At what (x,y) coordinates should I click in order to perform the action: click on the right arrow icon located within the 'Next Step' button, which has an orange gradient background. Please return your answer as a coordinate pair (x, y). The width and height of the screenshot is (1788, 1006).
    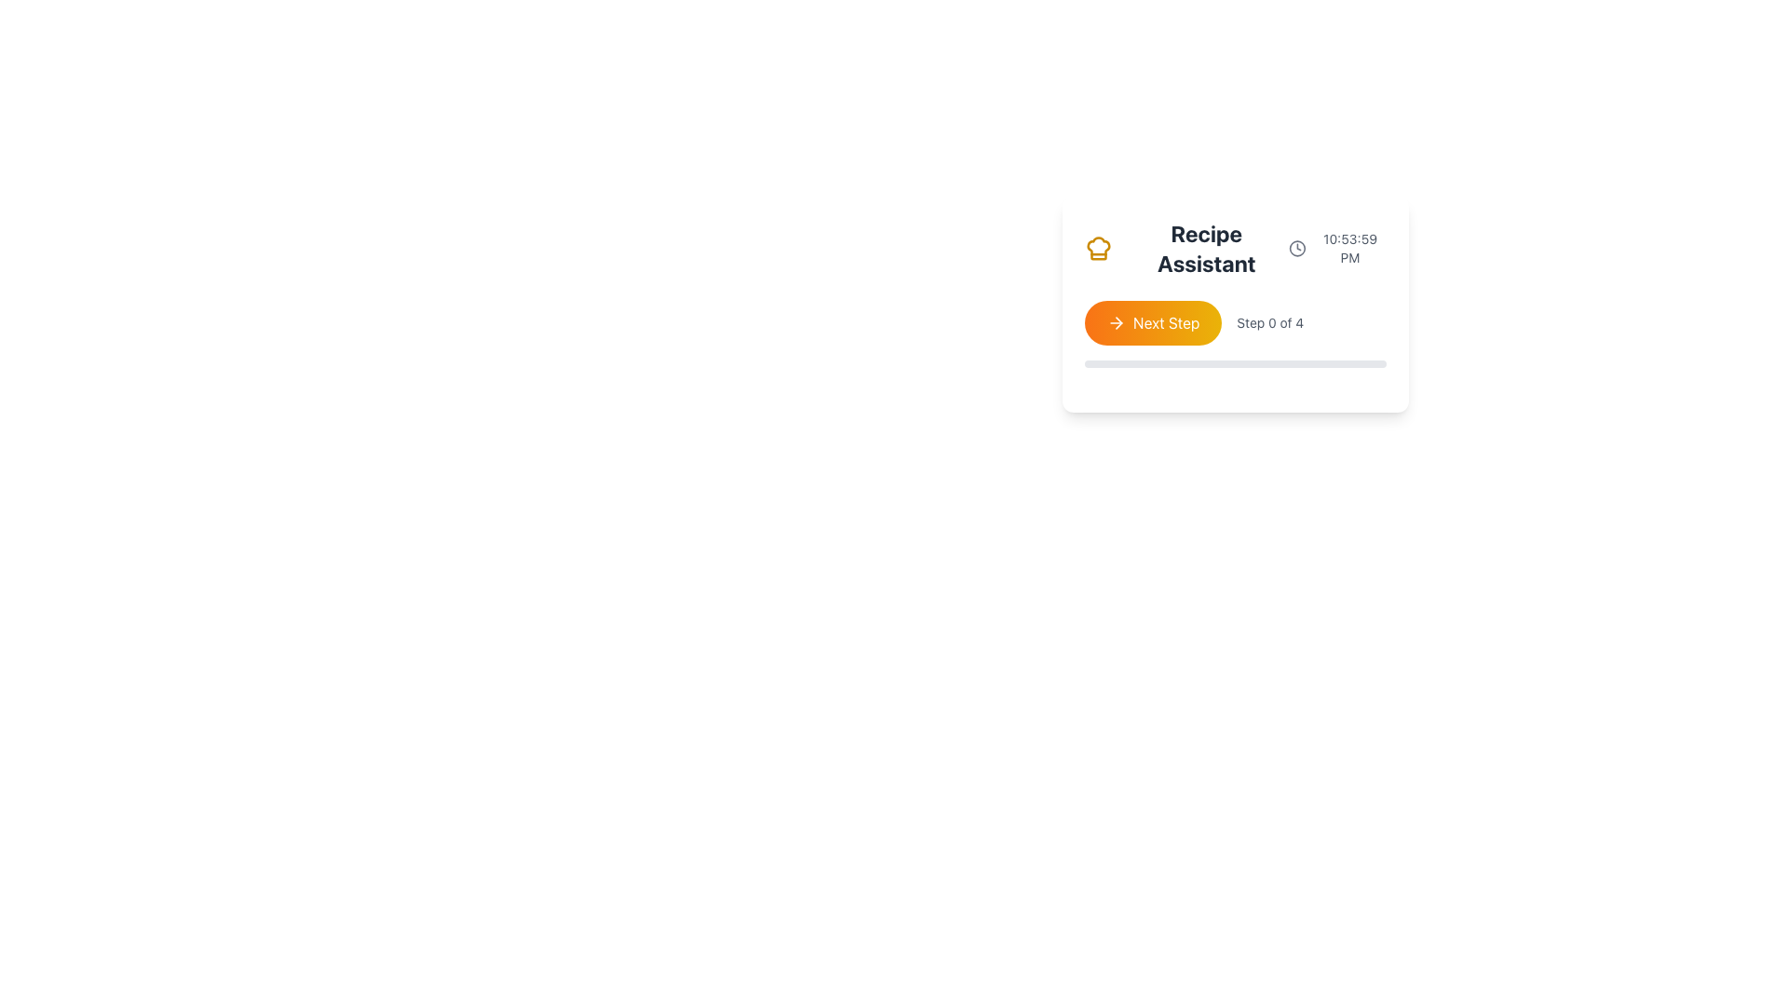
    Looking at the image, I should click on (1117, 322).